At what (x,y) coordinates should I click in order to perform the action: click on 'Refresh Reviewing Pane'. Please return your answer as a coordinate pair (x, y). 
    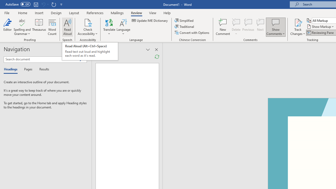
    Looking at the image, I should click on (156, 57).